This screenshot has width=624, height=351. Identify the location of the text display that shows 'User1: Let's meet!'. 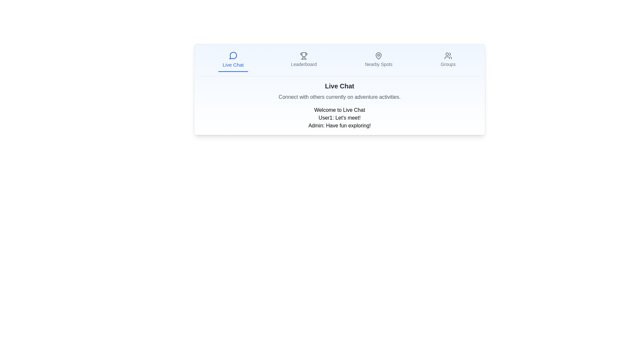
(339, 118).